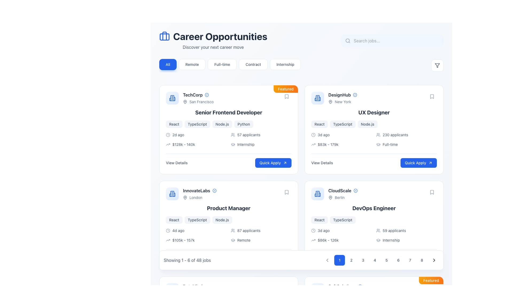  Describe the element at coordinates (233, 145) in the screenshot. I see `the decorative icon adjacent to the 'Internship' text in the first card titled 'Senior Frontend Developer'` at that location.